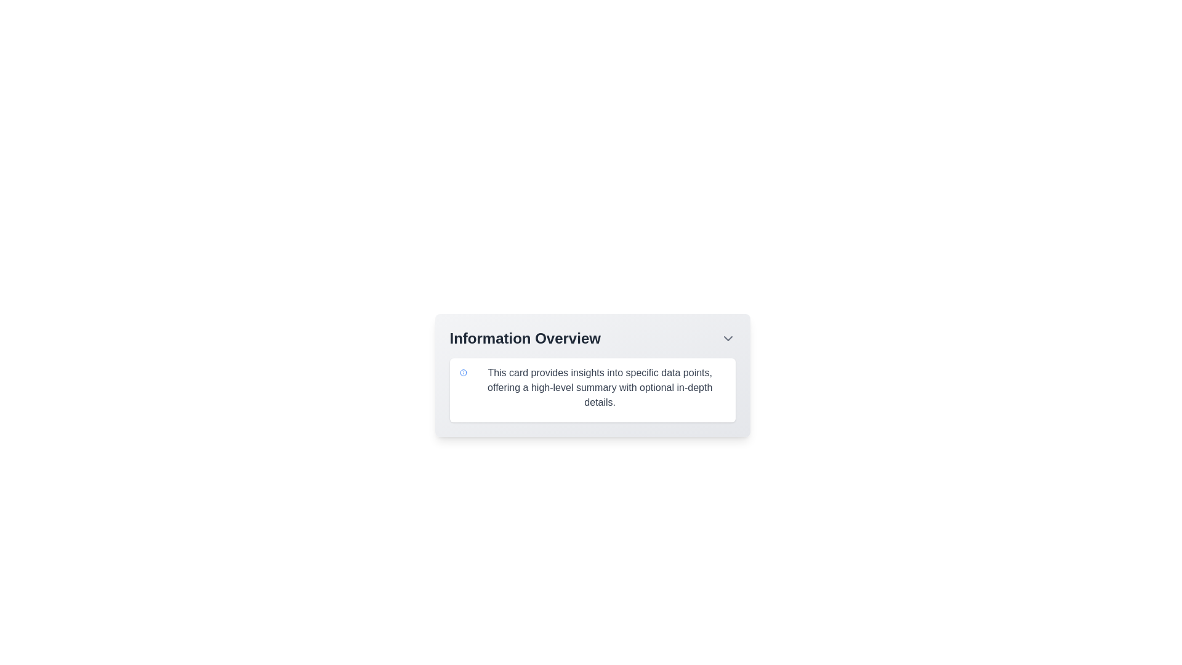 This screenshot has width=1182, height=665. I want to click on the Informational Card that contains the text 'This card provides insights into specific data points, offering a high-level summary with optional in-depth details.' and features a blue circular information icon to the left, so click(592, 390).